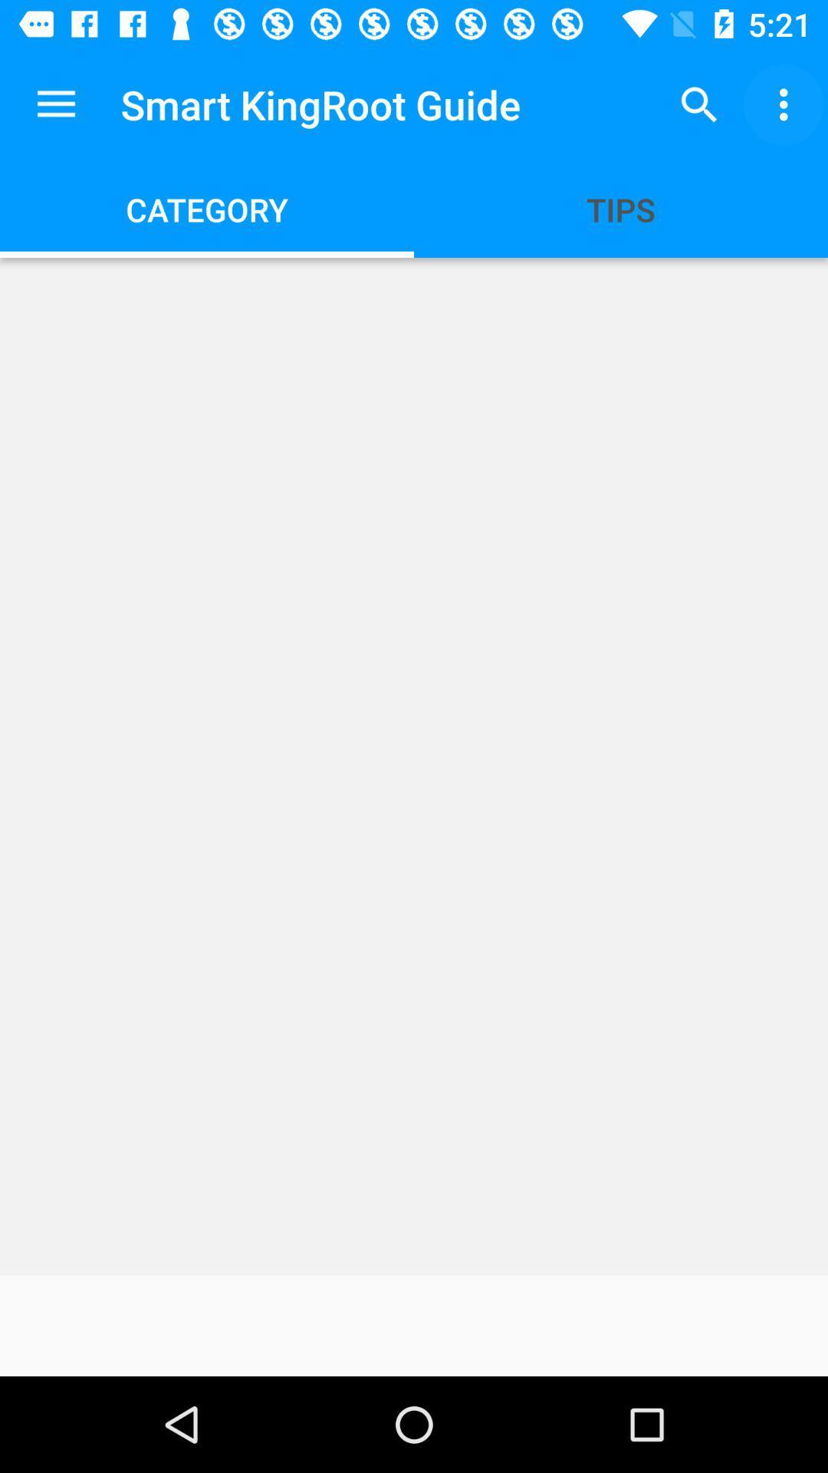  What do you see at coordinates (698, 104) in the screenshot?
I see `the app to the right of smart kingroot guide app` at bounding box center [698, 104].